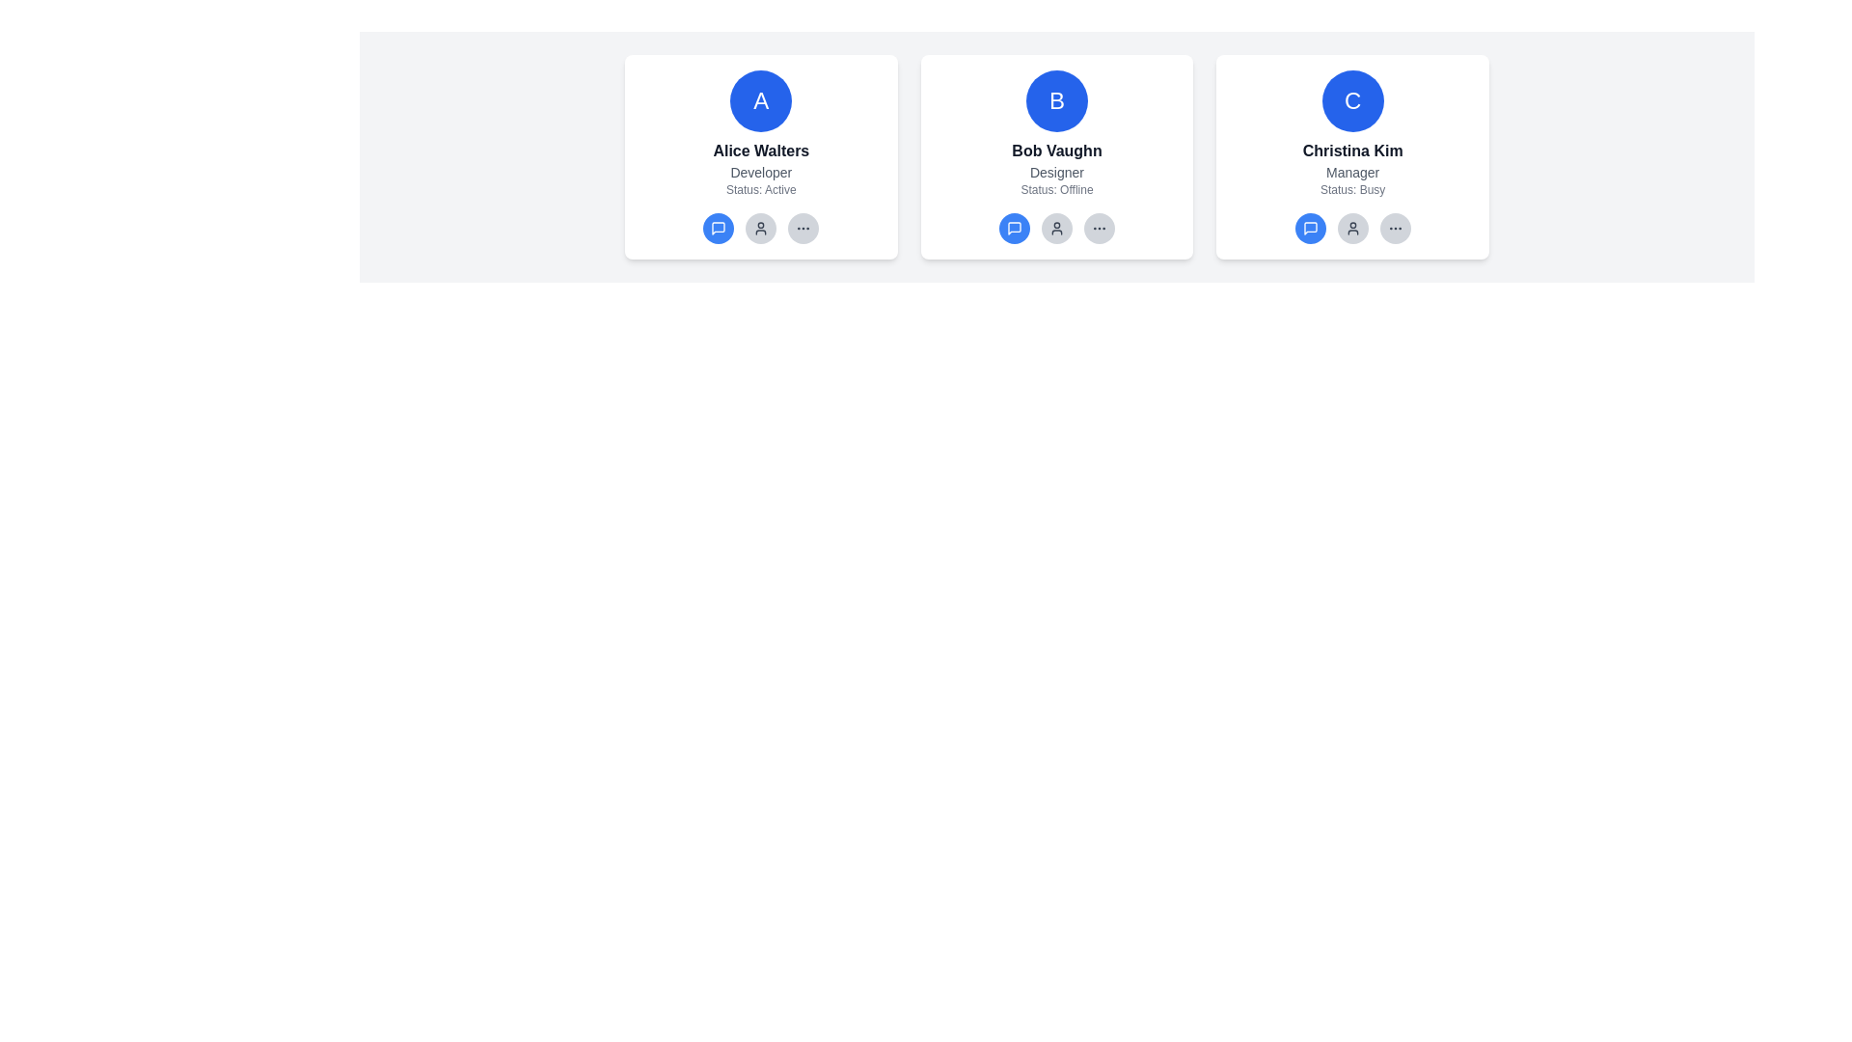  Describe the element at coordinates (760, 227) in the screenshot. I see `the third circular action button in the navigation panel located below the 'Status: Active' text in Alice Walters' profile card` at that location.